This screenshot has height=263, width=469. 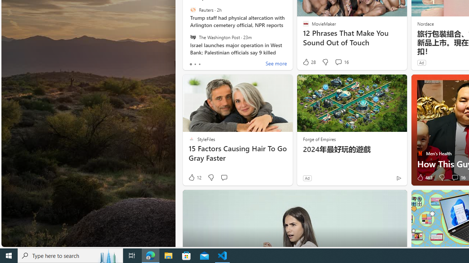 What do you see at coordinates (193, 10) in the screenshot?
I see `'Reuters'` at bounding box center [193, 10].